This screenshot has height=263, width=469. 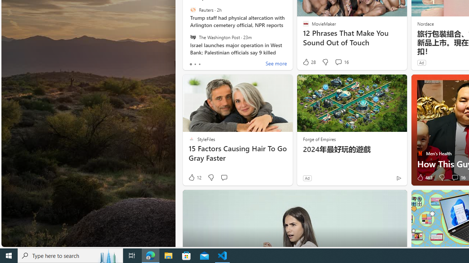 What do you see at coordinates (193, 10) in the screenshot?
I see `'Reuters'` at bounding box center [193, 10].